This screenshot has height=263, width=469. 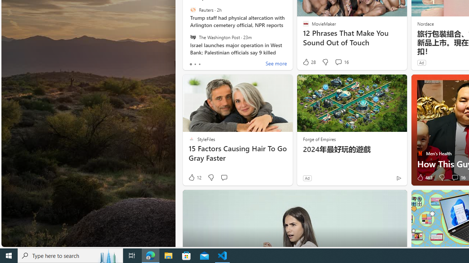 What do you see at coordinates (193, 10) in the screenshot?
I see `'Reuters'` at bounding box center [193, 10].